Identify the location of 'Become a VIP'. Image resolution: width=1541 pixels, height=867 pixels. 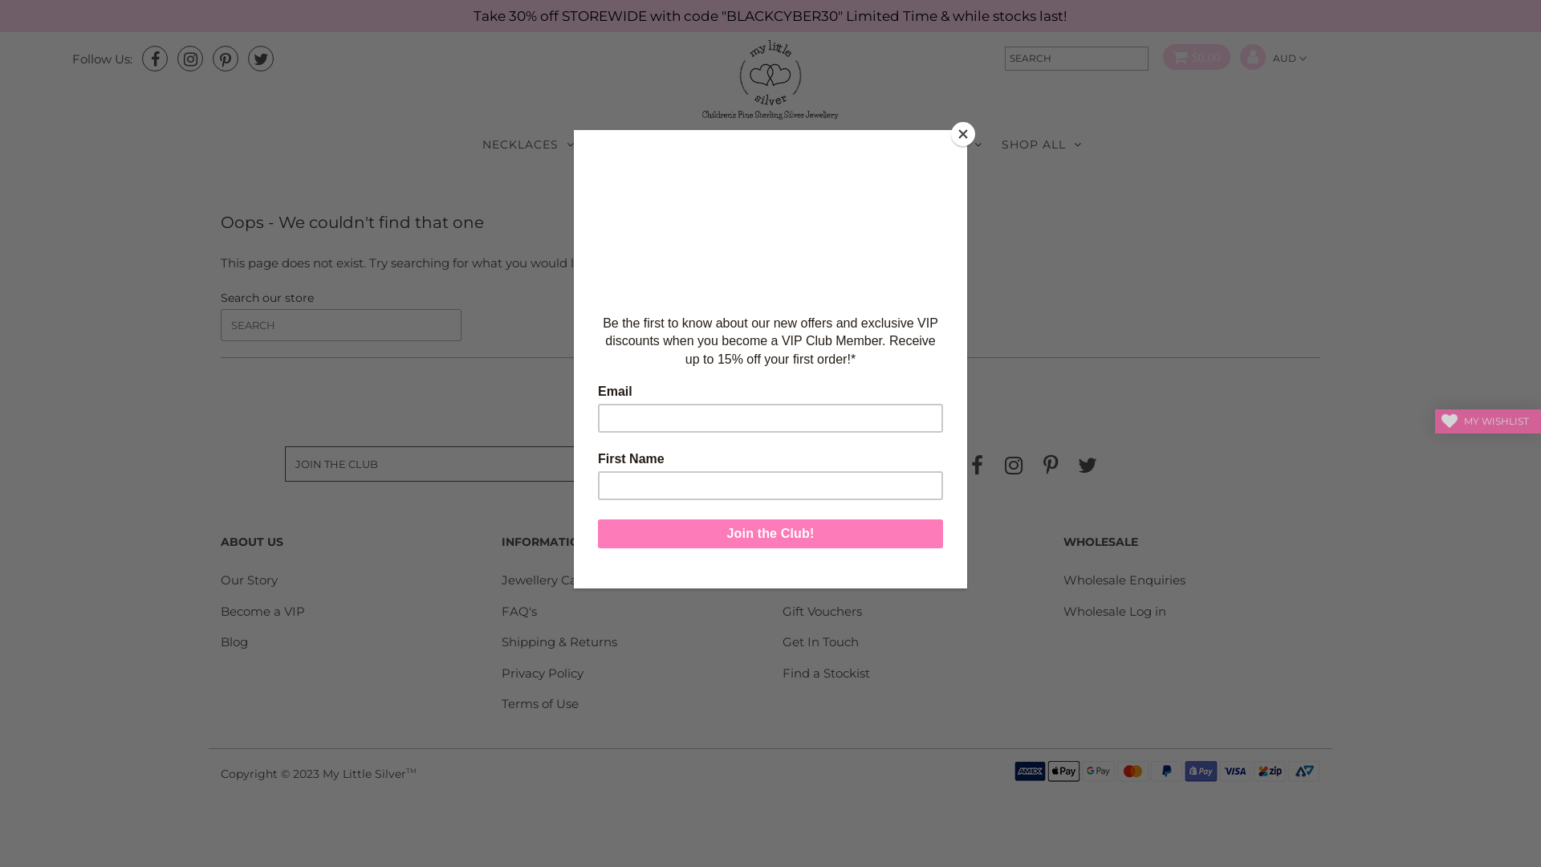
(219, 611).